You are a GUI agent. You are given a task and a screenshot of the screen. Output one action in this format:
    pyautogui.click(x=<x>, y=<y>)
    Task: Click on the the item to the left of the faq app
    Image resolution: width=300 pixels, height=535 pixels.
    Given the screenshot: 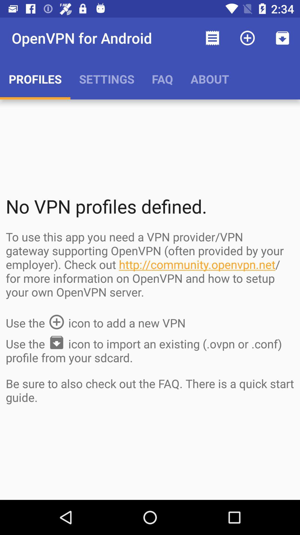 What is the action you would take?
    pyautogui.click(x=107, y=79)
    